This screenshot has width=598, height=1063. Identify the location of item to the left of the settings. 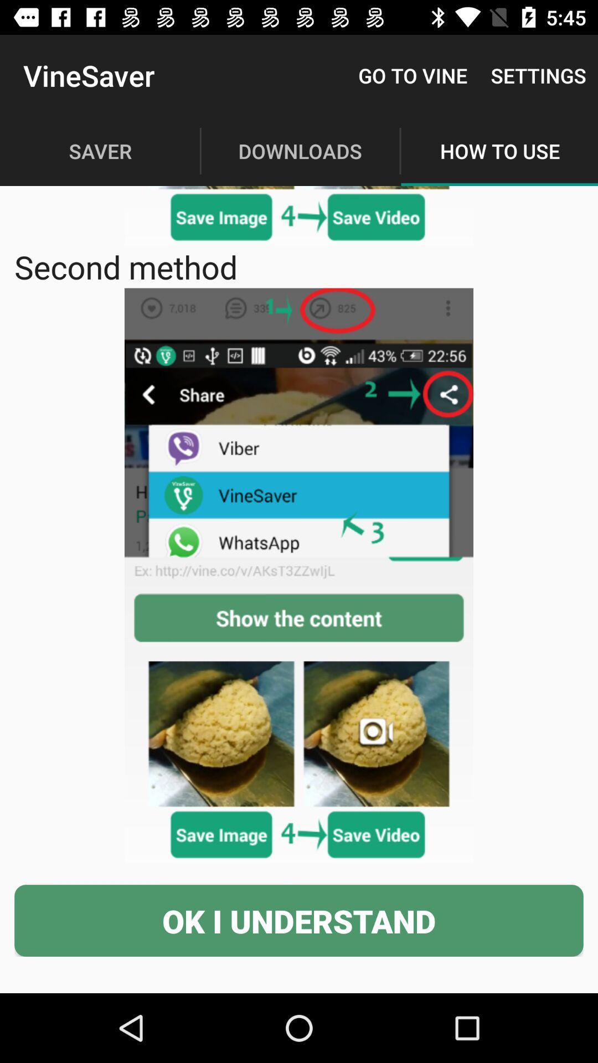
(413, 75).